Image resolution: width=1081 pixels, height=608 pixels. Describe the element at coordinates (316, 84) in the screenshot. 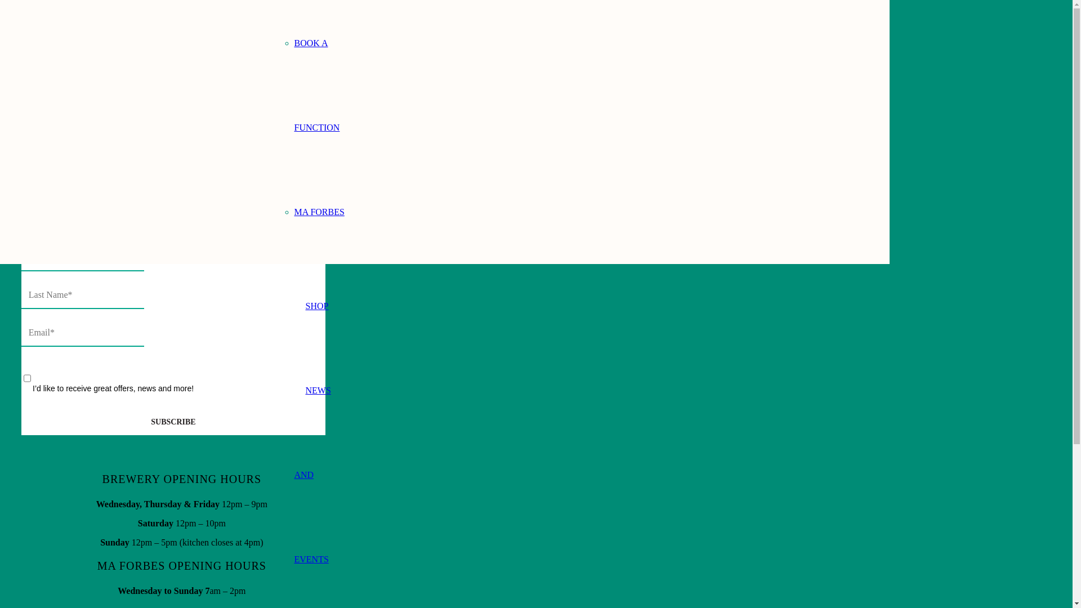

I see `'BOOK A FUNCTION'` at that location.